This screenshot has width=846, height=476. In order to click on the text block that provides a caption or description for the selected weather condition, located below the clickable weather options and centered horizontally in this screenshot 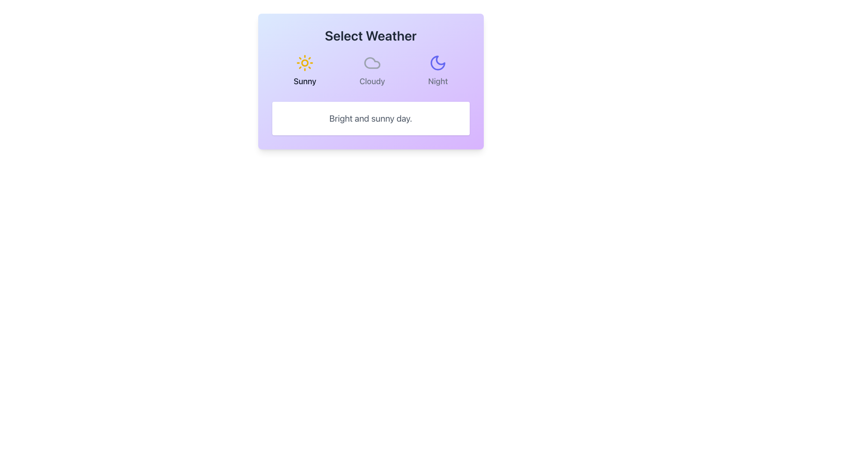, I will do `click(371, 118)`.